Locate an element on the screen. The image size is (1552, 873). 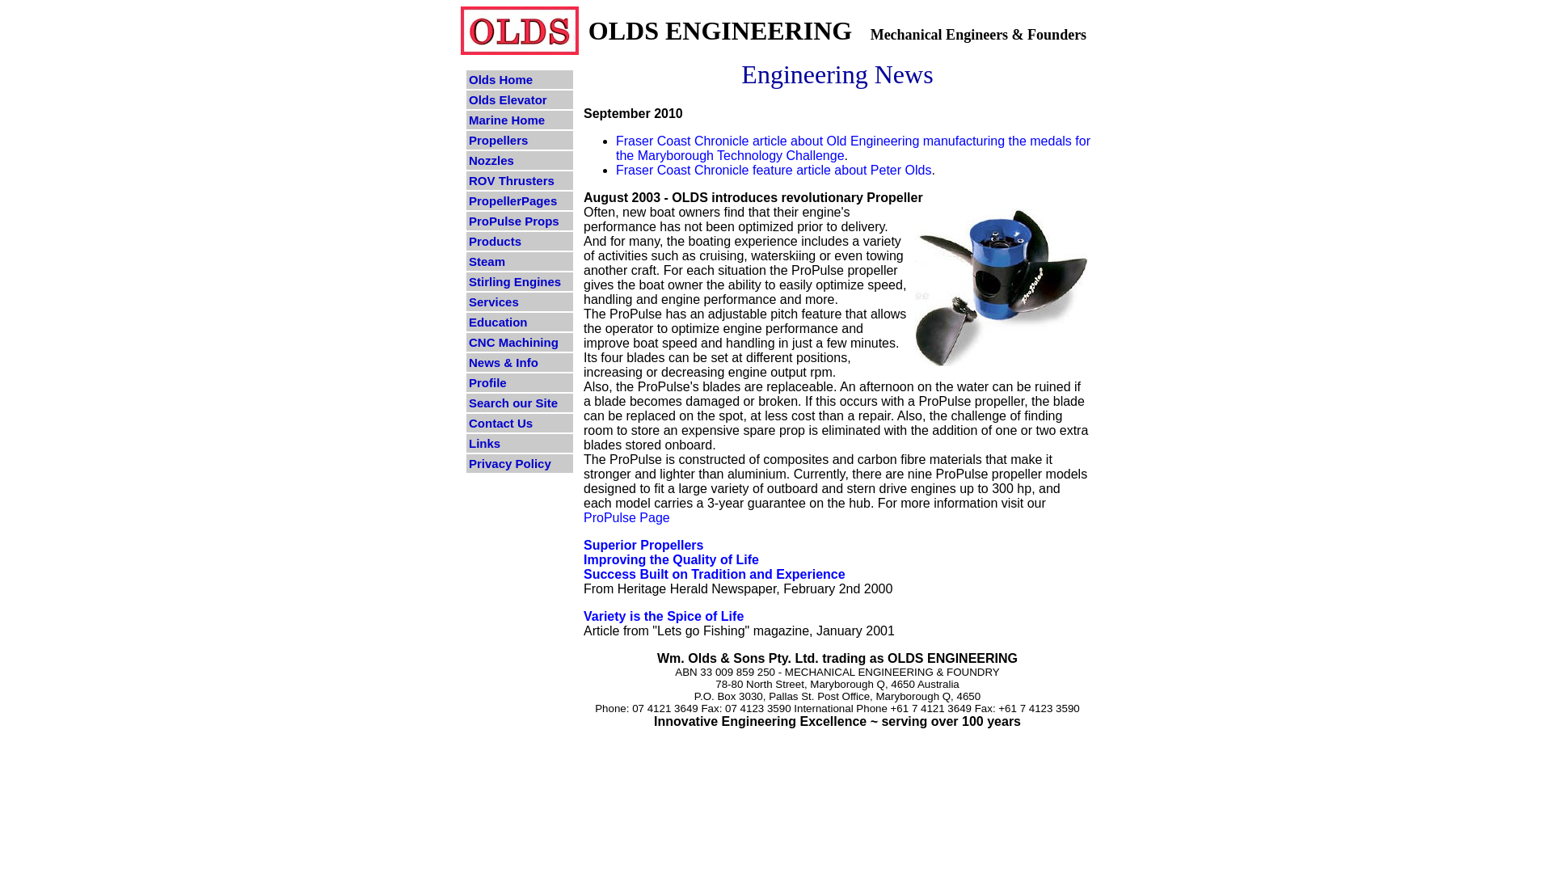
'CNC Machining' is located at coordinates (465, 341).